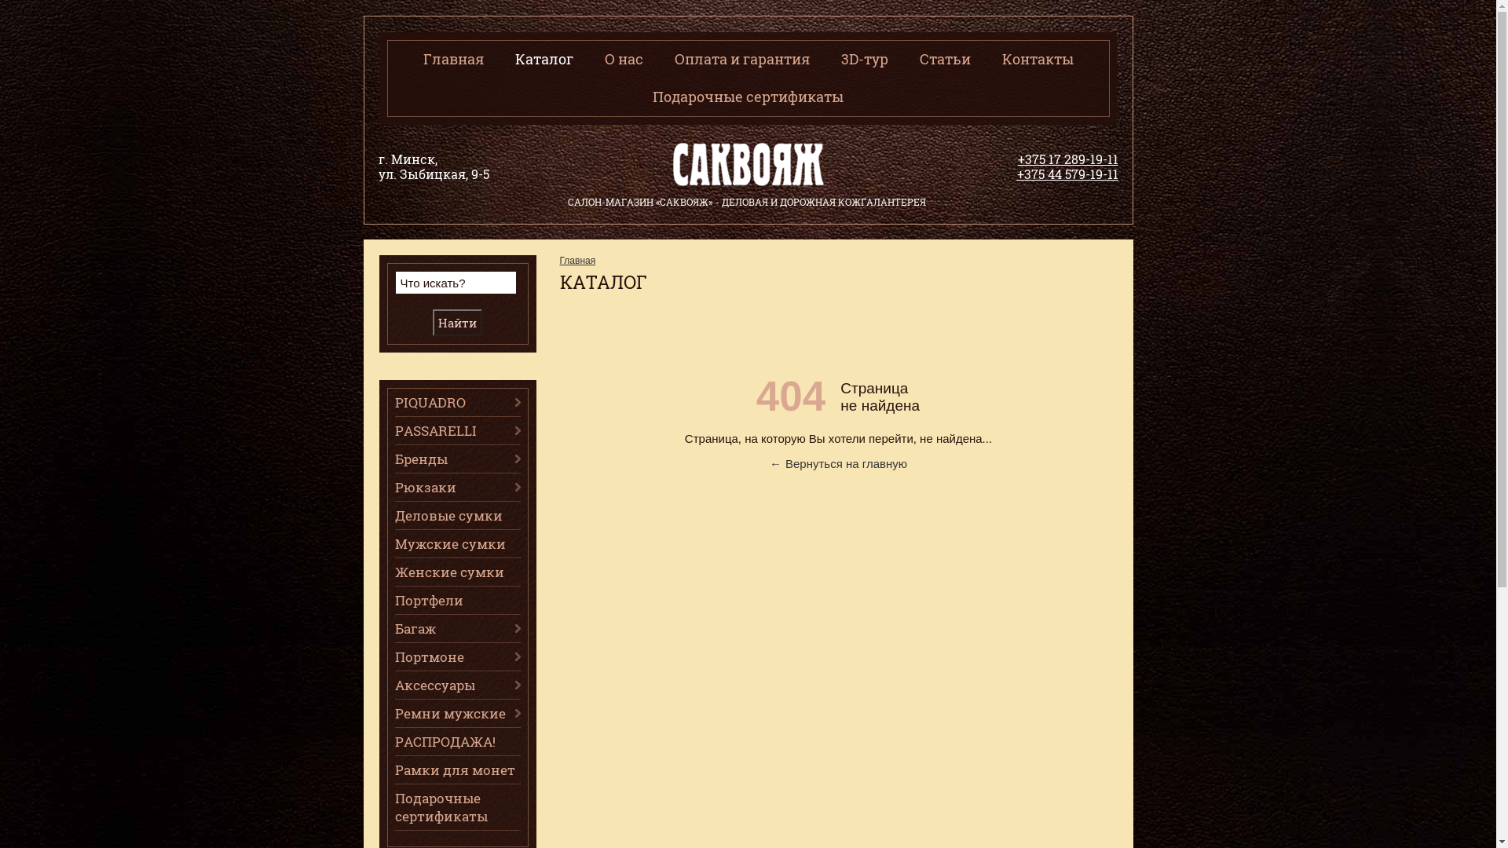 Image resolution: width=1508 pixels, height=848 pixels. Describe the element at coordinates (456, 401) in the screenshot. I see `'PIQUADRO'` at that location.